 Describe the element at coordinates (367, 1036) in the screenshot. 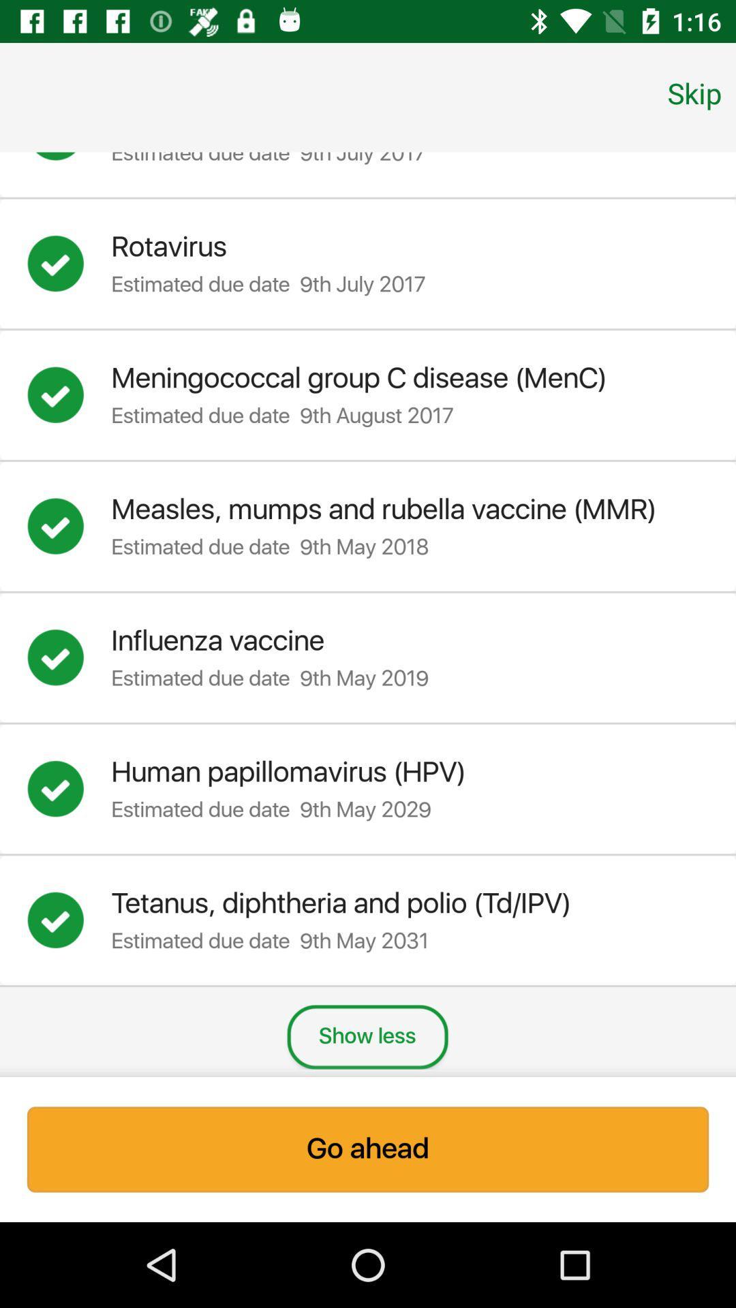

I see `show less item` at that location.